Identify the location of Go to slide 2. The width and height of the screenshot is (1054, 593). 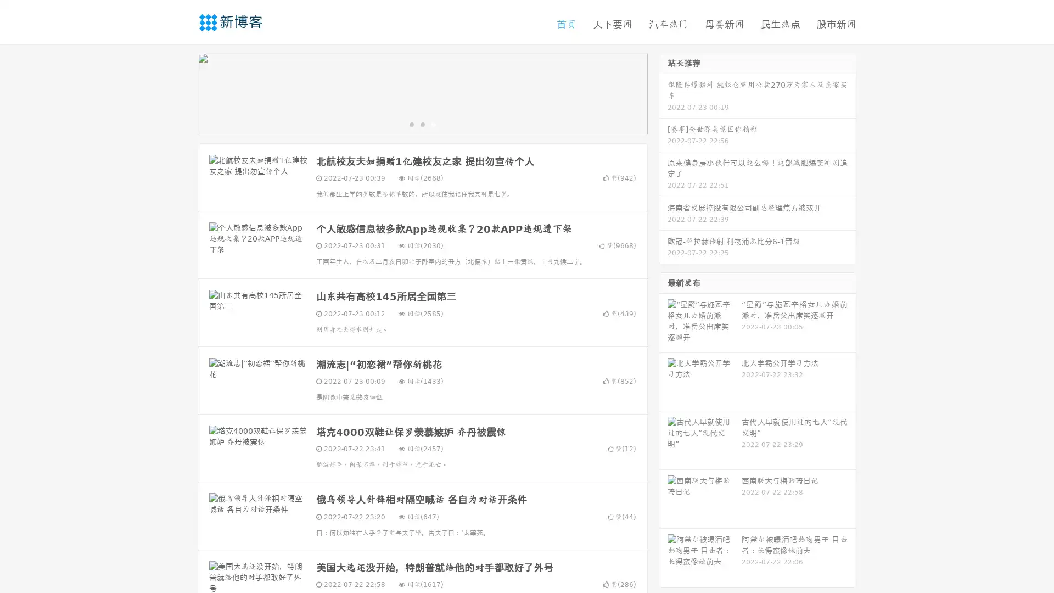
(422, 124).